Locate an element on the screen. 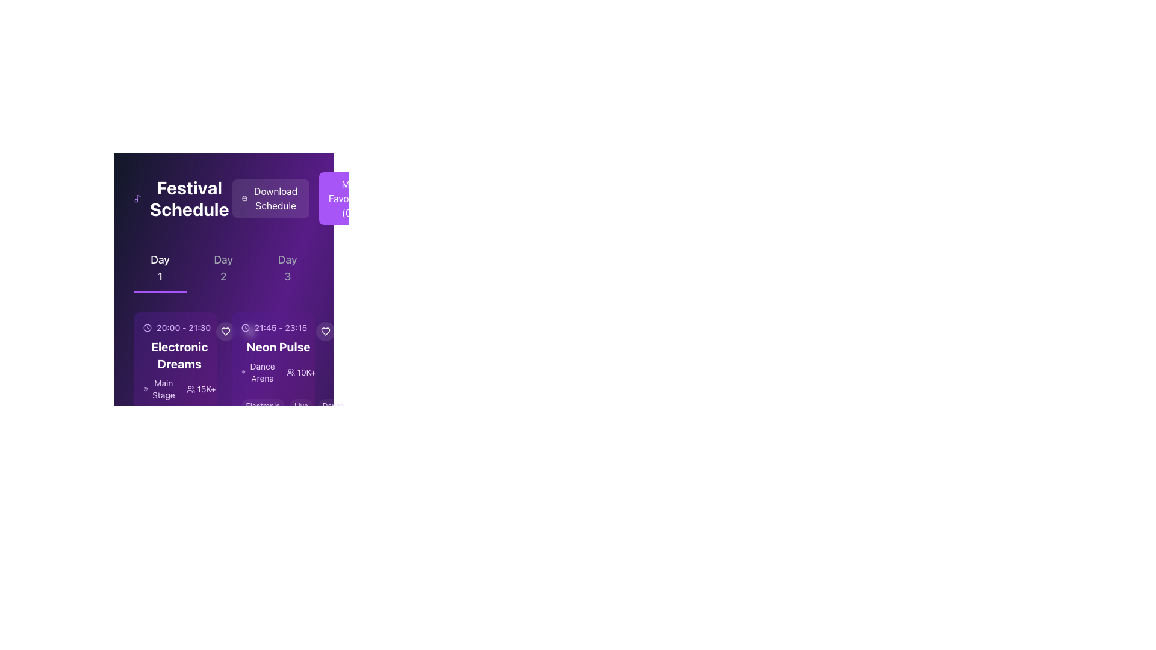  the 'Electronic' pill-shaped button with a light purple background and white text, located at the bottom section of the 'Neon Pulse' card is located at coordinates (262, 406).